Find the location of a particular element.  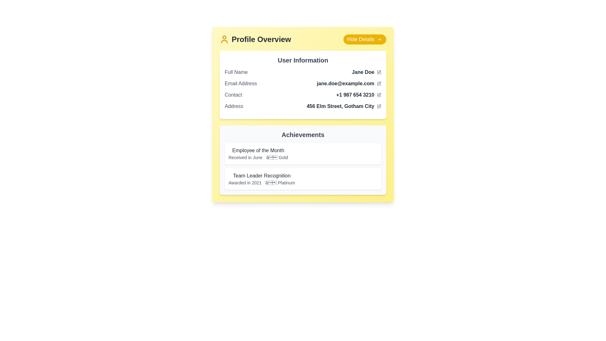

displayed text of the 'Gold' award level label located in the 'Achievements' section under 'Employee of the Month' is located at coordinates (277, 157).